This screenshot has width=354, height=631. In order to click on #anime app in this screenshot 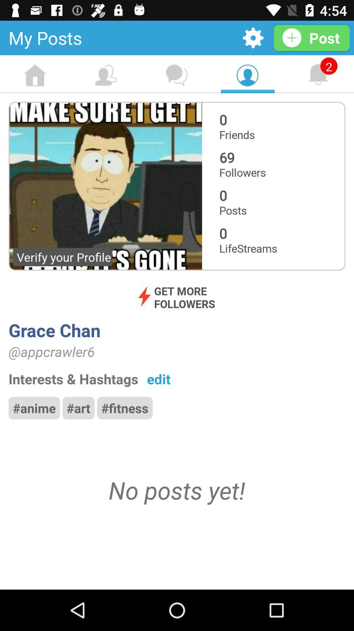, I will do `click(34, 408)`.